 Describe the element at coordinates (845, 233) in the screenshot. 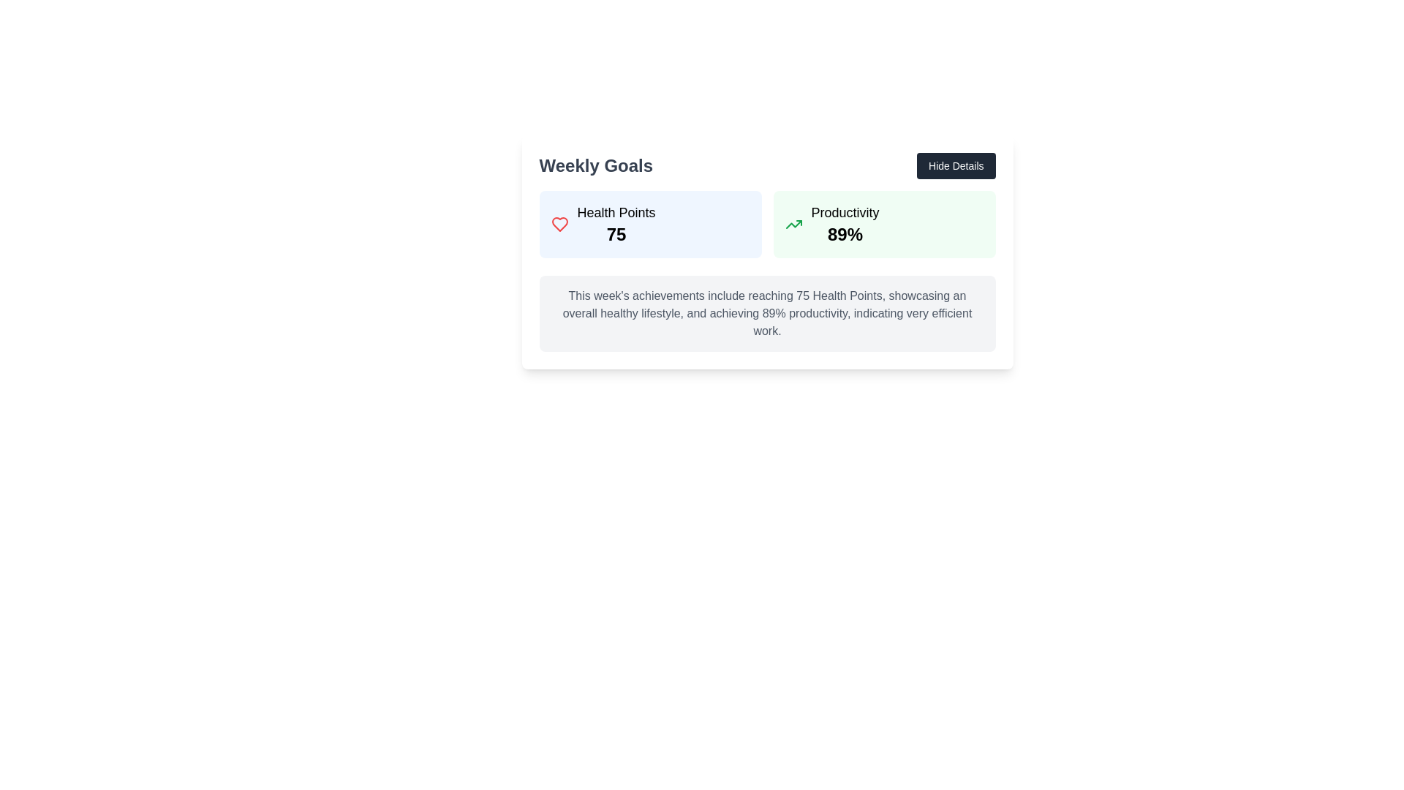

I see `the bold text label displaying '89%' in black color, which represents a key performance indicator within the 'Productivity' section, located under the 'Weekly Goals' heading` at that location.